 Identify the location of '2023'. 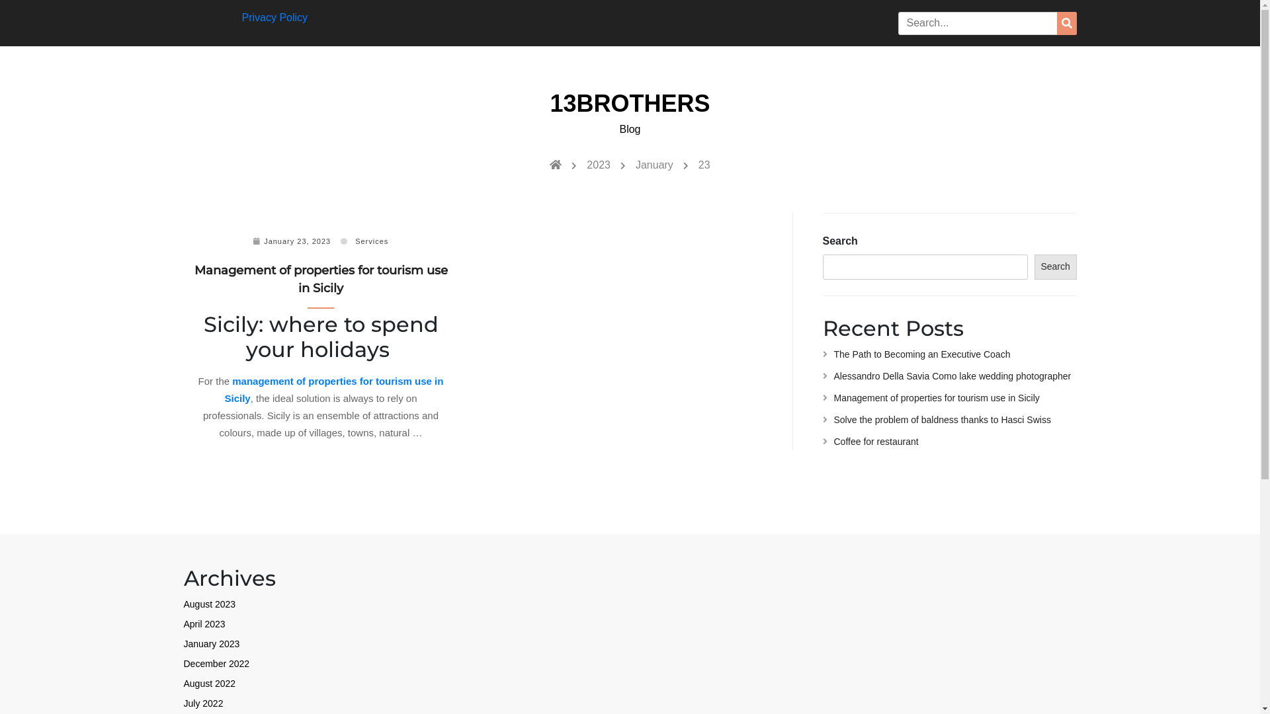
(598, 164).